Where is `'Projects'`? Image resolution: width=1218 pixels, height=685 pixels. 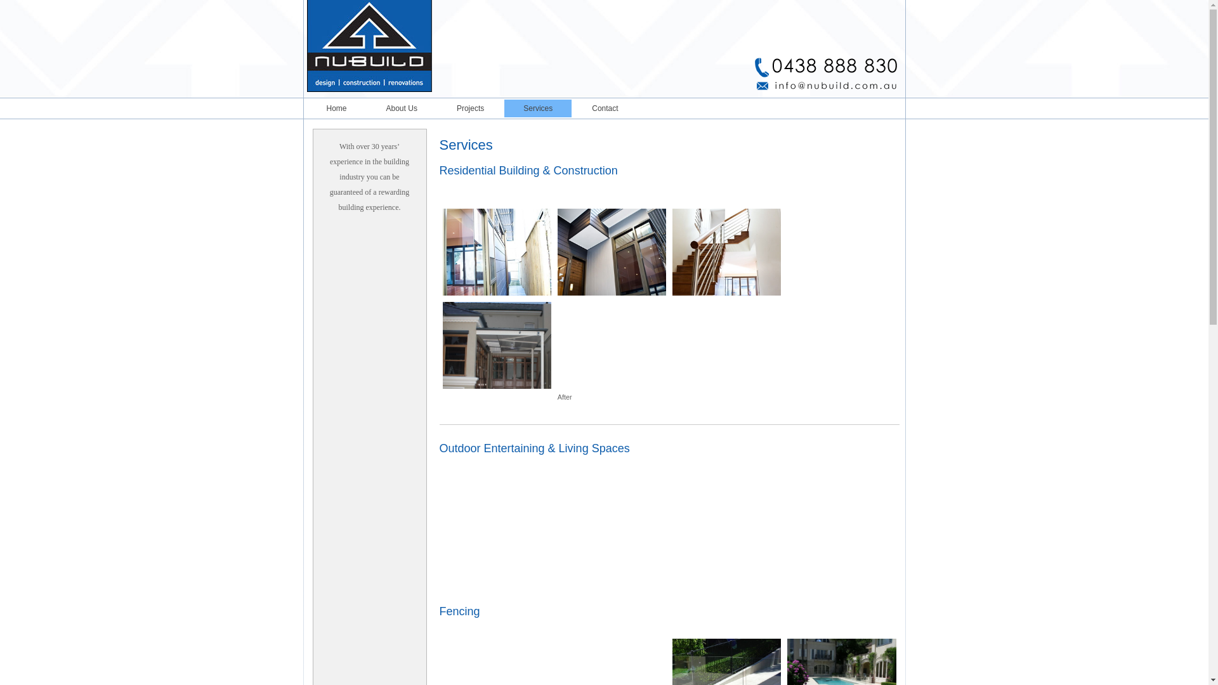
'Projects' is located at coordinates (469, 107).